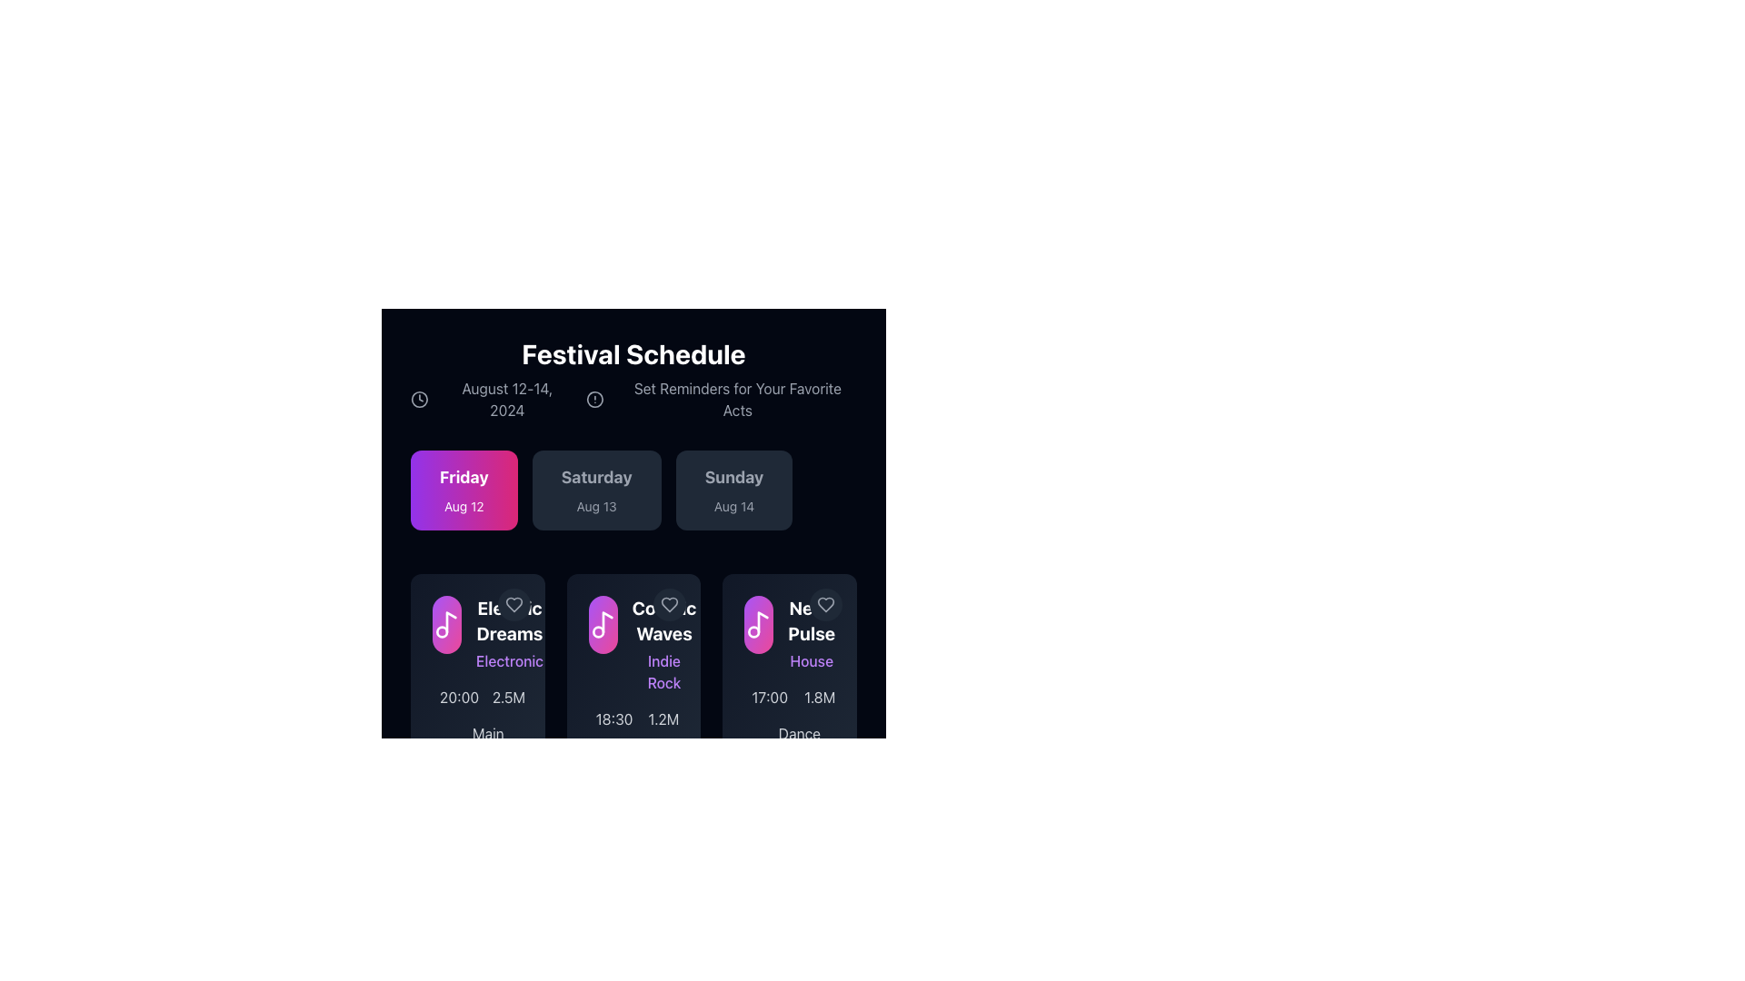 The height and width of the screenshot is (981, 1745). I want to click on the musical note icon in the top-left section of the 'Cool Waves' card under the 'Saturday, Aug 13' schedule, so click(607, 621).